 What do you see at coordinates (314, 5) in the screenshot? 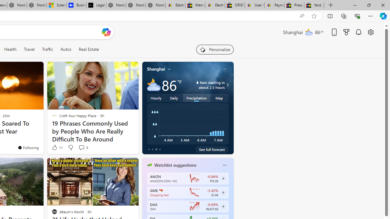
I see `'Yard, Garden & Outdoor Living'` at bounding box center [314, 5].